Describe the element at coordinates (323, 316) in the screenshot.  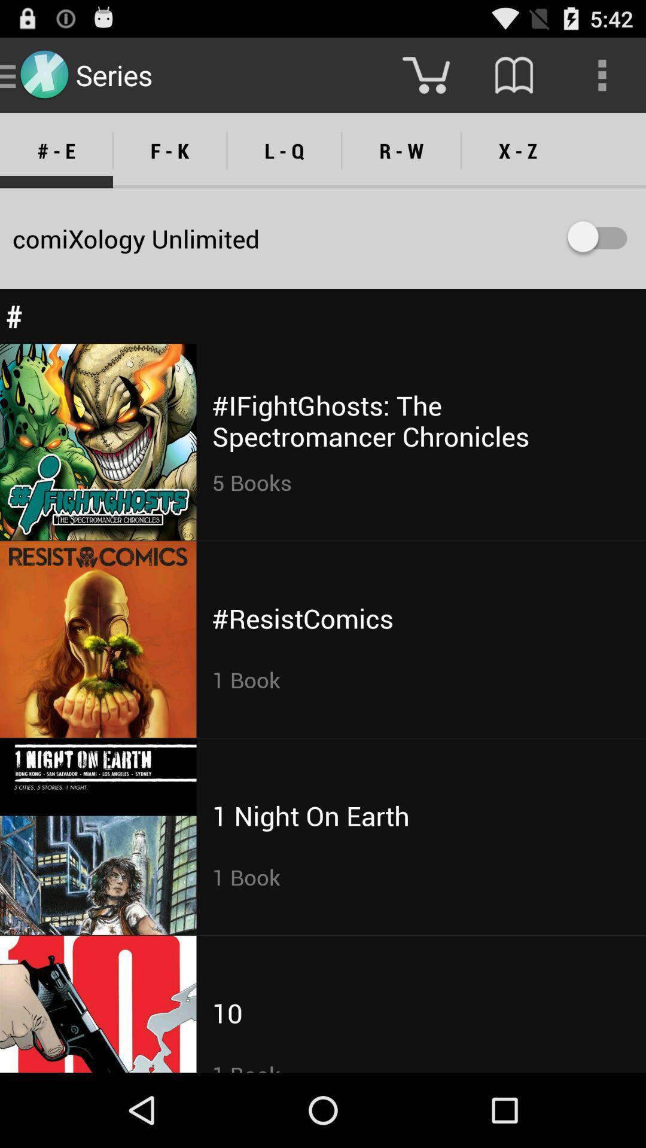
I see `# icon` at that location.